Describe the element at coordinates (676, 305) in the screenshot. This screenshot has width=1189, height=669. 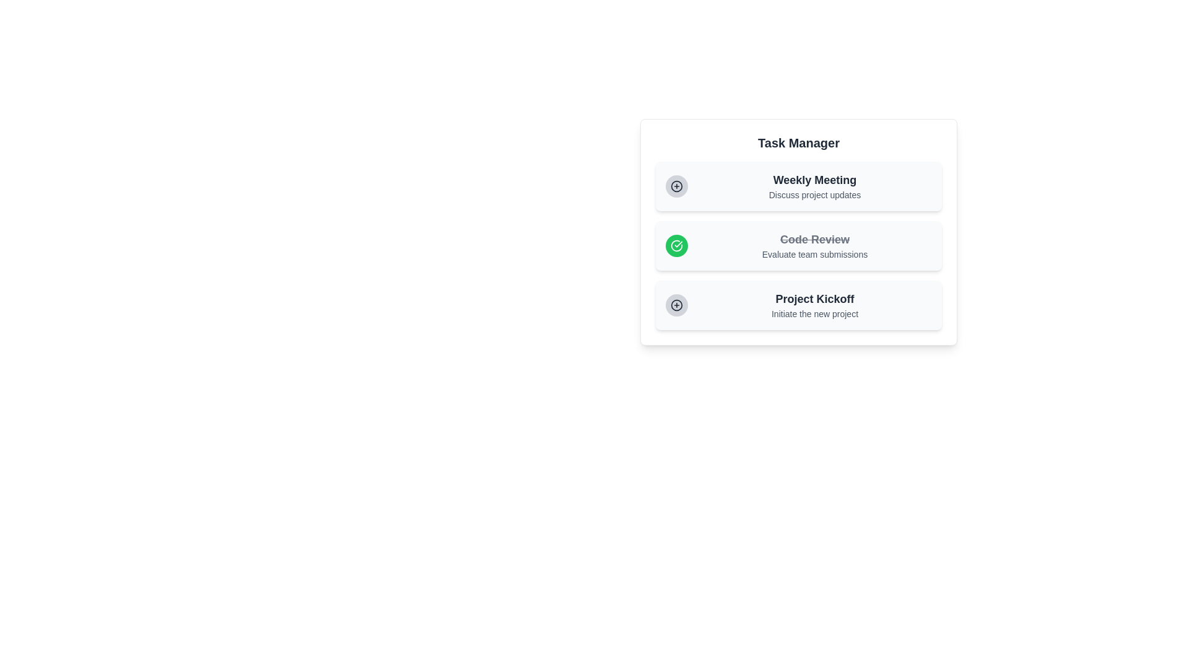
I see `the outermost circular part of the icon located to the left of the 'Weekly Meeting' option in the task list` at that location.